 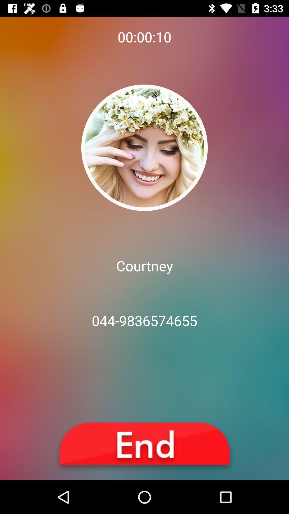 I want to click on end it, so click(x=144, y=446).